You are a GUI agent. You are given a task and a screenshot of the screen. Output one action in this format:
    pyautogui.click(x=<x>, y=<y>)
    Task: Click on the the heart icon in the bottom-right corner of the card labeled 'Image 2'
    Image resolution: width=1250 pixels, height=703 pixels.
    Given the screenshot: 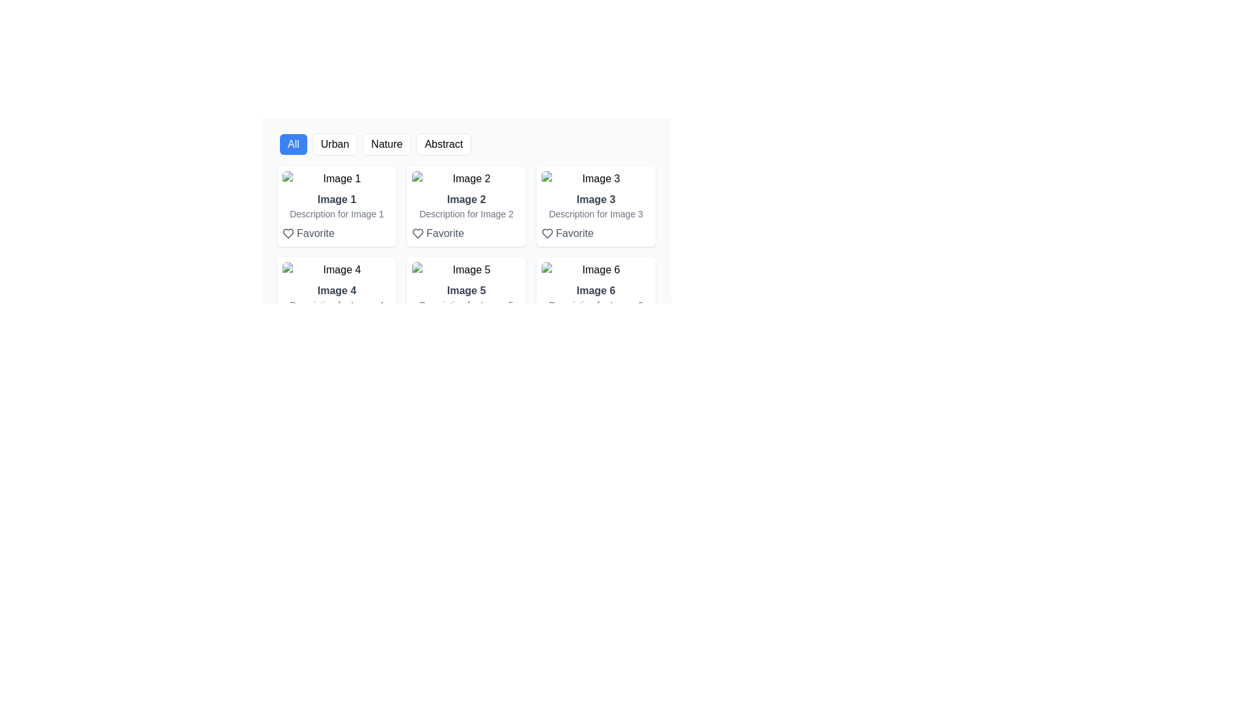 What is the action you would take?
    pyautogui.click(x=287, y=232)
    